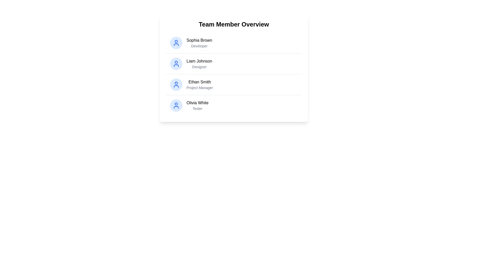  Describe the element at coordinates (176, 62) in the screenshot. I see `the SVG Circle that represents the status indicator within the 'Liam Johnson - Designer' profile card located in the second list item of the 'Team Member Overview'` at that location.